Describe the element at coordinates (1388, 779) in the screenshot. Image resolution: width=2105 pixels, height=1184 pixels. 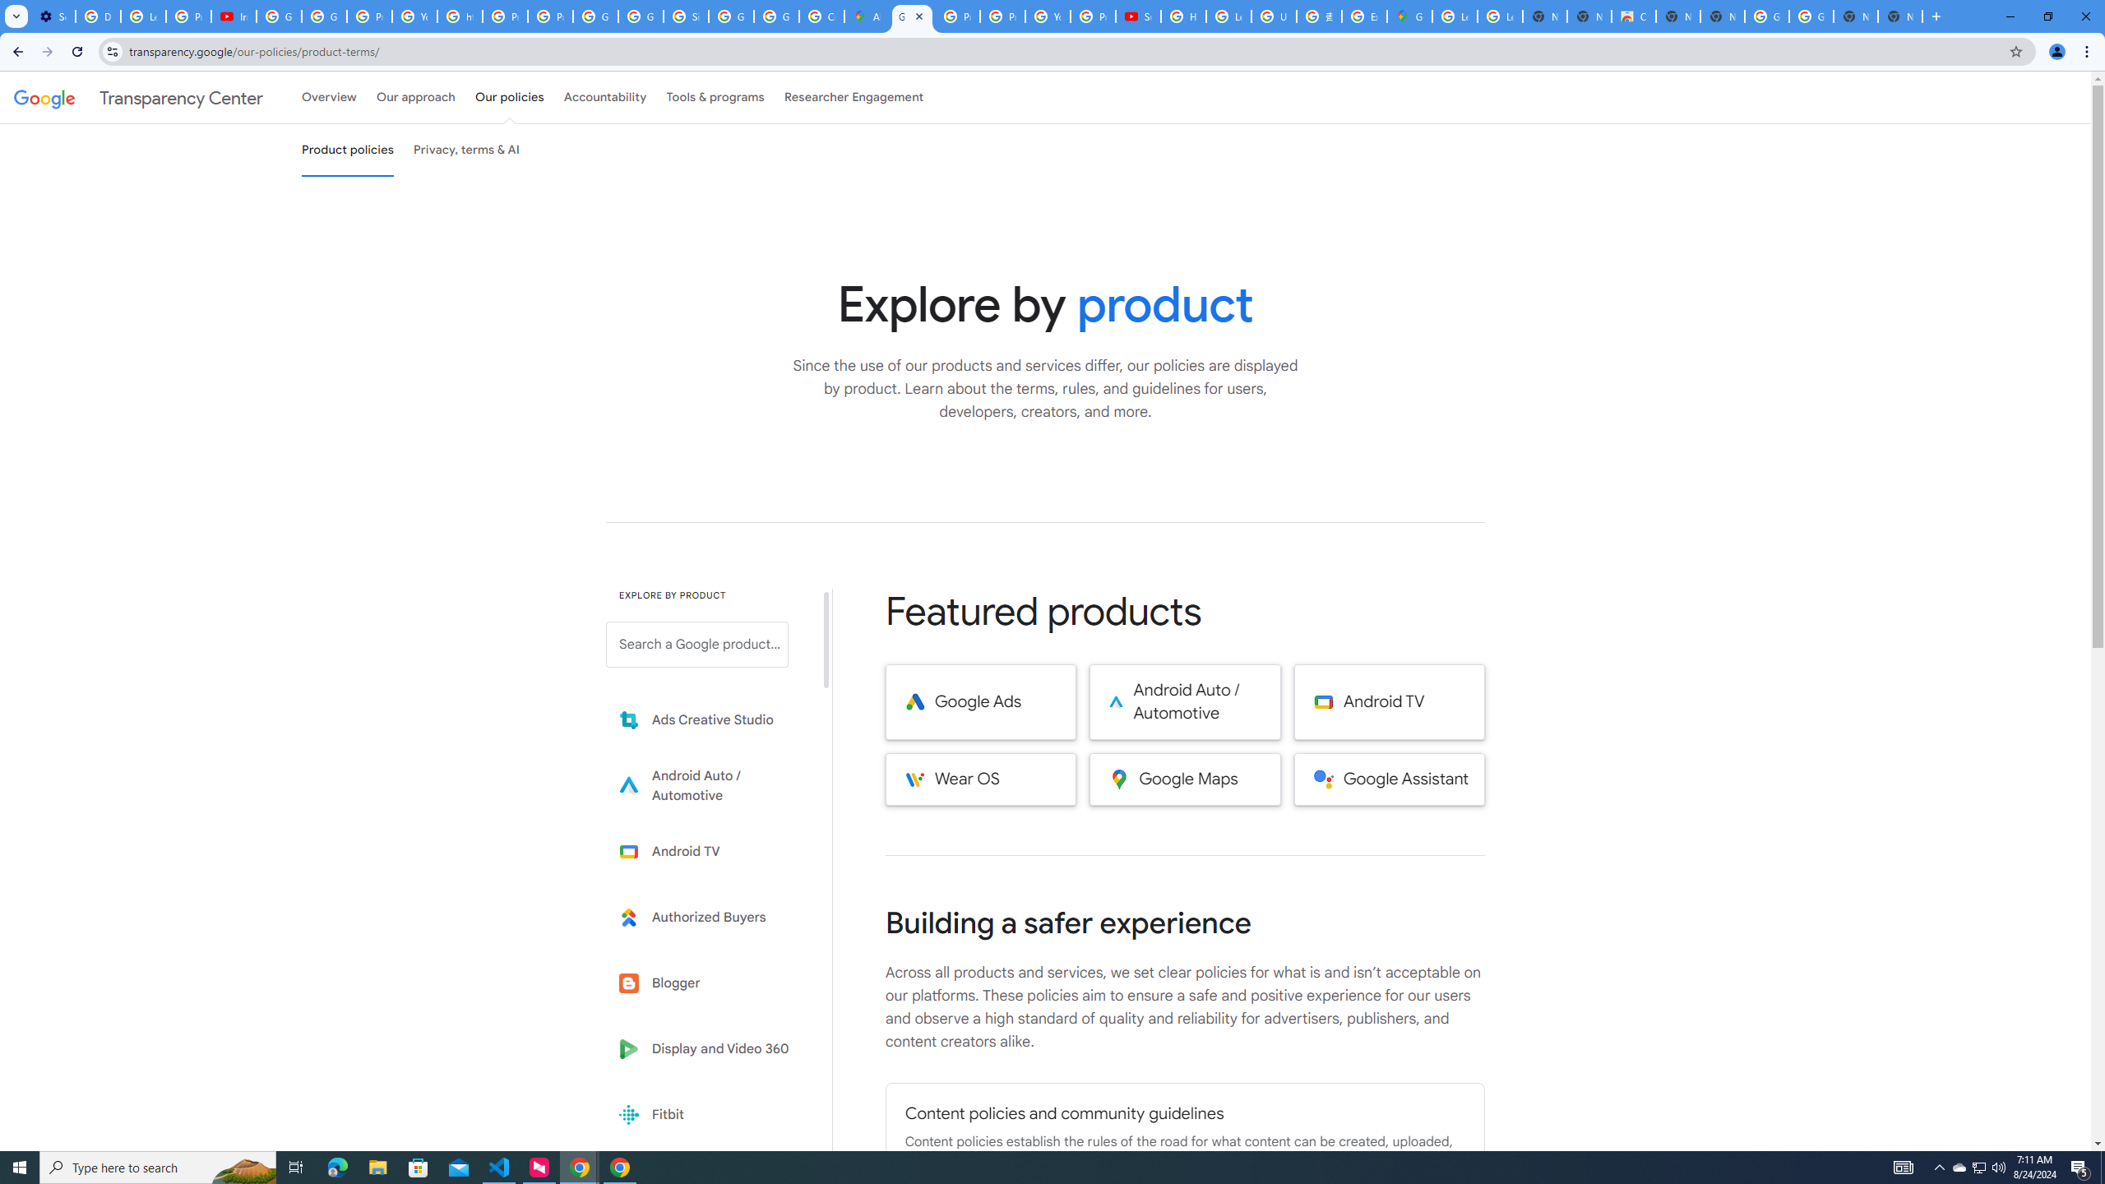
I see `'Google Assistant'` at that location.